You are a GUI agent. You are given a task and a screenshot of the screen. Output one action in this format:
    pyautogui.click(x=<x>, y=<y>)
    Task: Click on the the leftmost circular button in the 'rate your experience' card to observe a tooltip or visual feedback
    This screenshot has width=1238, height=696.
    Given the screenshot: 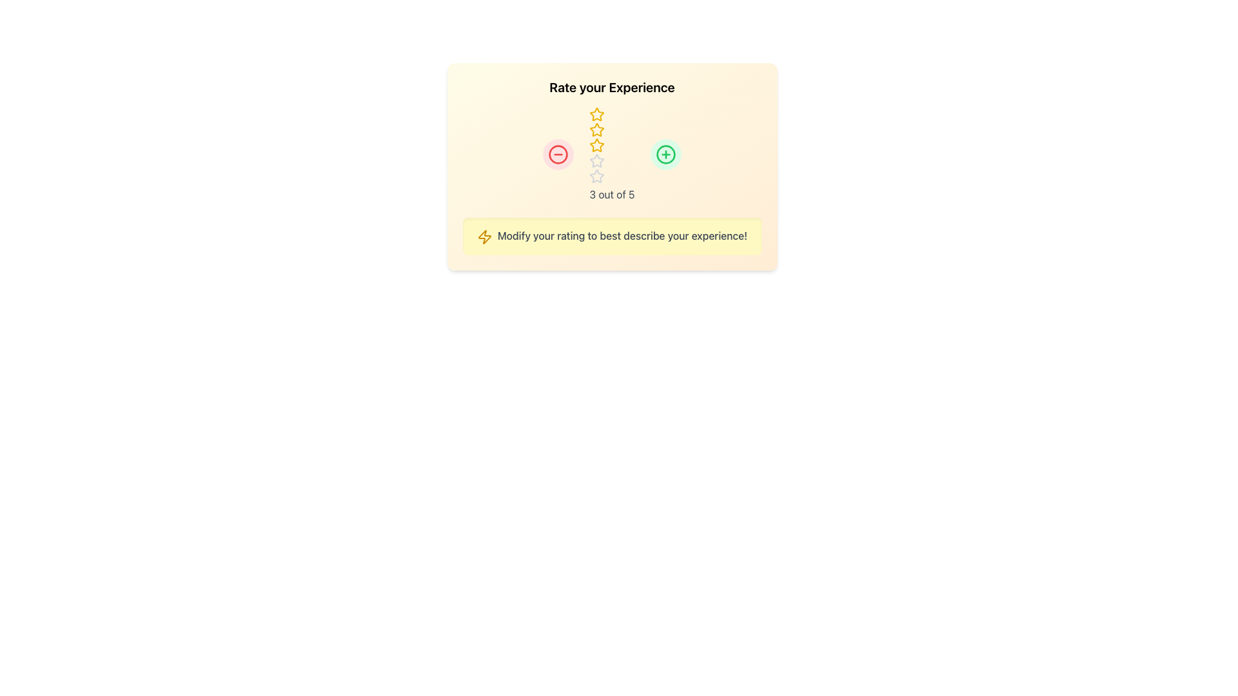 What is the action you would take?
    pyautogui.click(x=558, y=153)
    